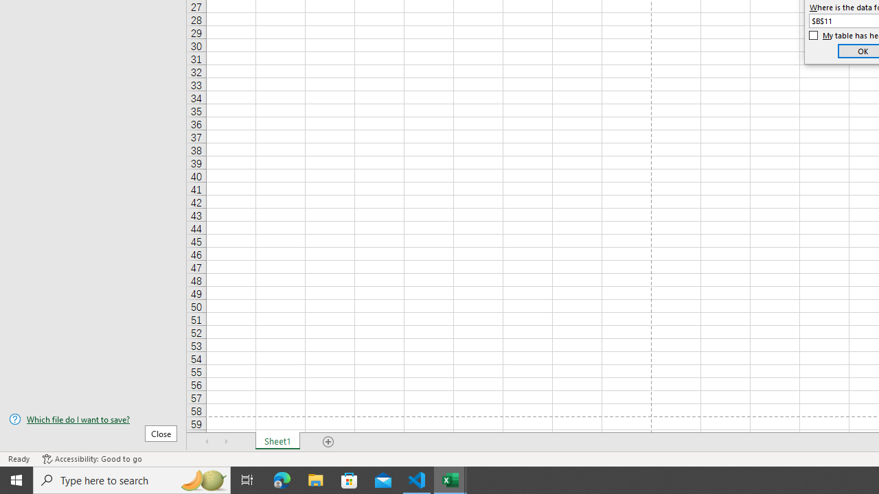 Image resolution: width=879 pixels, height=494 pixels. I want to click on 'Close', so click(161, 433).